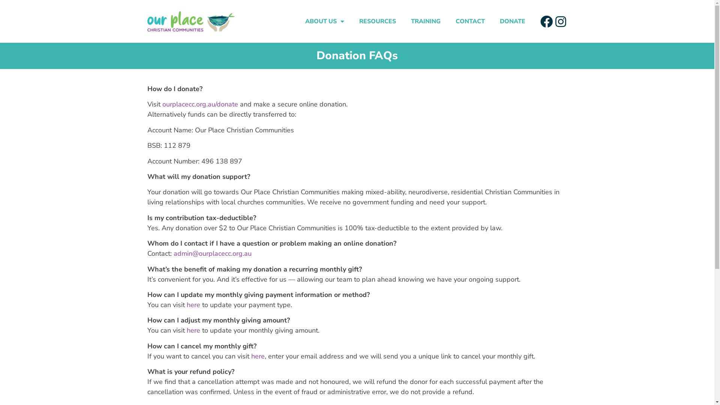 This screenshot has height=405, width=720. I want to click on 'here', so click(193, 305).